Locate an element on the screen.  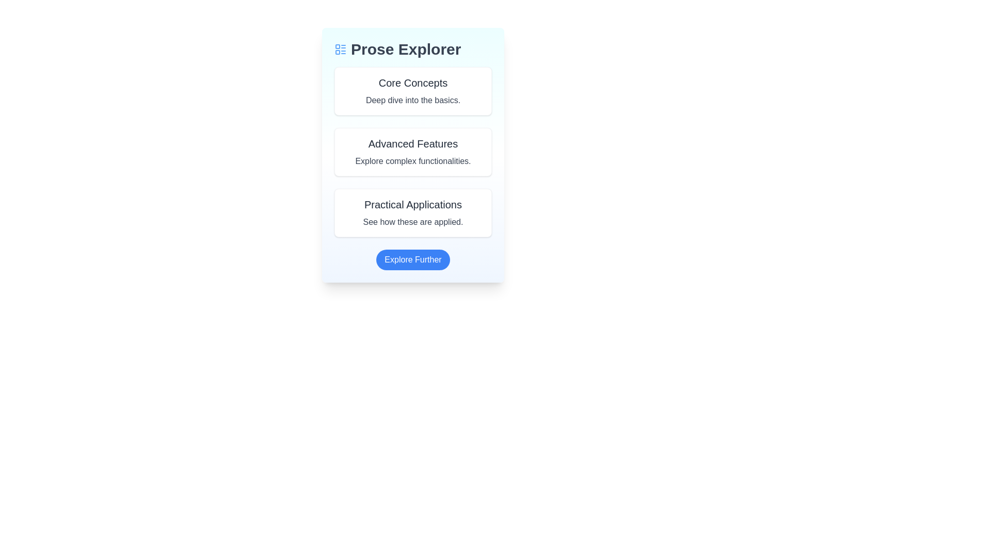
available information from the 'Advanced Features' informative card, which is the second card in the 'Prose Explorer' section is located at coordinates (413, 168).